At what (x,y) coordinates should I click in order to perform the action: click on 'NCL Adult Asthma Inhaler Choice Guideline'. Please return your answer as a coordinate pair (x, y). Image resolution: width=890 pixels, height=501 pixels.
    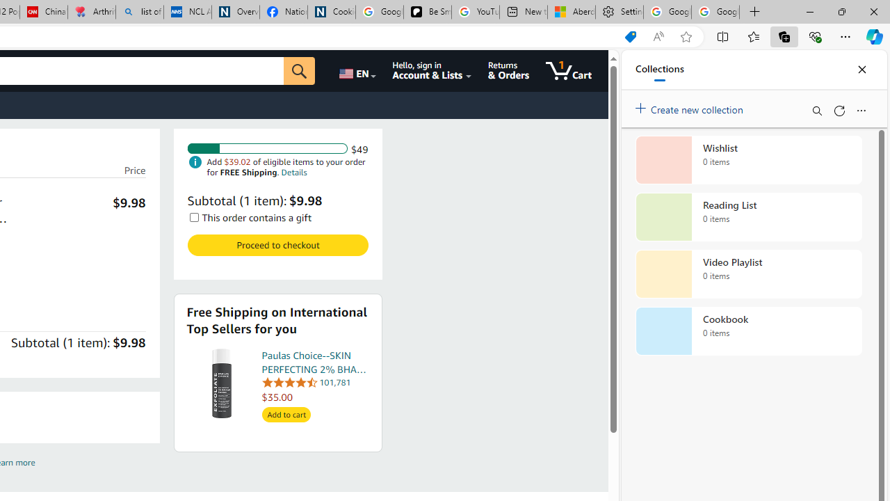
    Looking at the image, I should click on (187, 12).